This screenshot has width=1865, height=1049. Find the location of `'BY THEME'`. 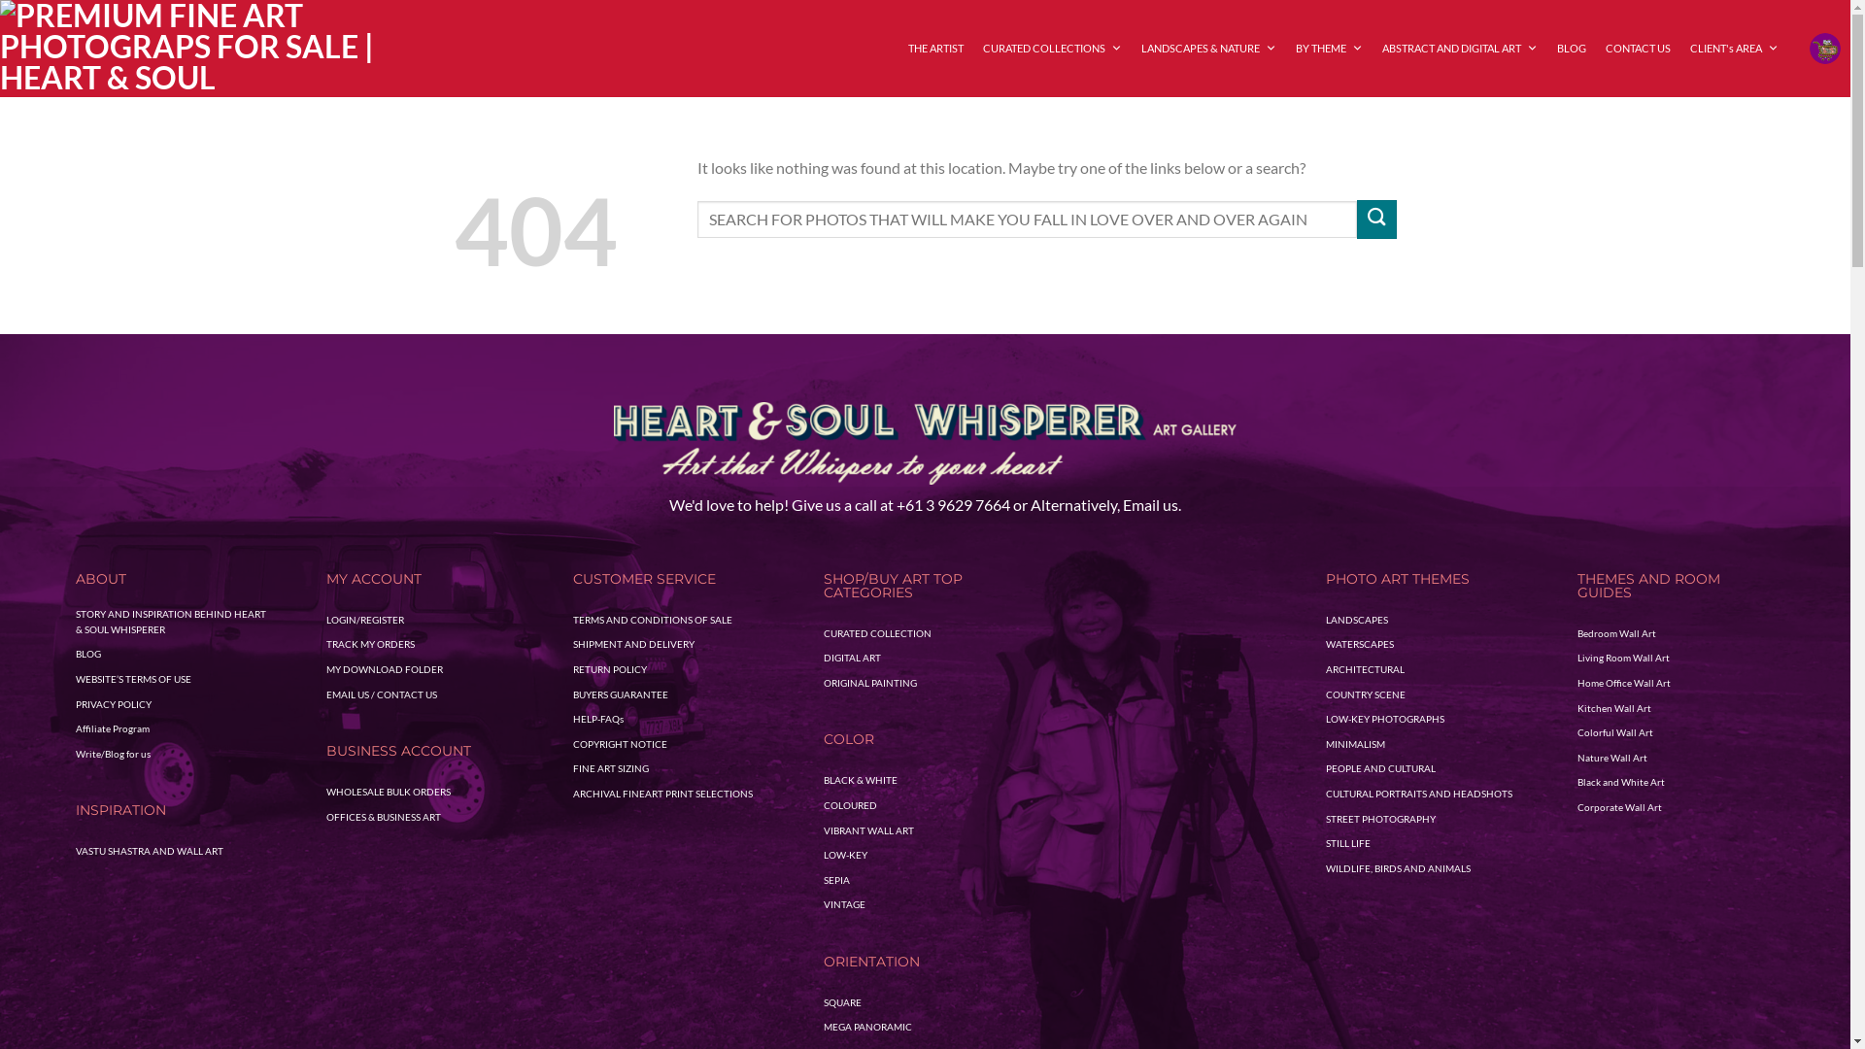

'BY THEME' is located at coordinates (1286, 48).